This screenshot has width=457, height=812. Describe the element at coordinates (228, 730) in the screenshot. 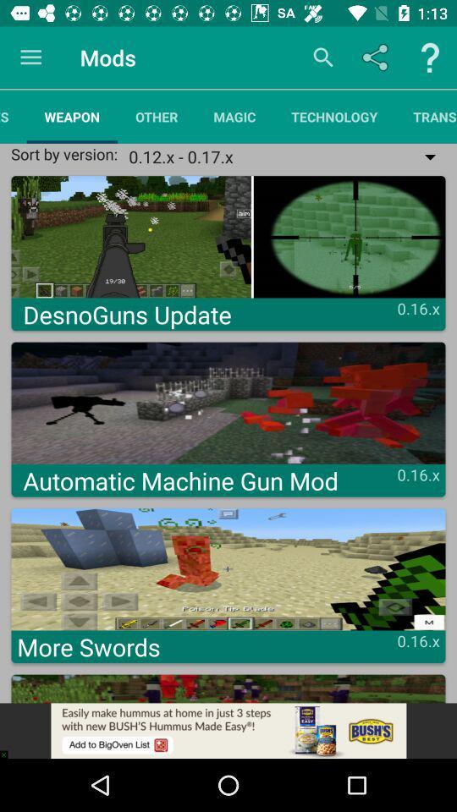

I see `advertise into minecraft gameplay` at that location.